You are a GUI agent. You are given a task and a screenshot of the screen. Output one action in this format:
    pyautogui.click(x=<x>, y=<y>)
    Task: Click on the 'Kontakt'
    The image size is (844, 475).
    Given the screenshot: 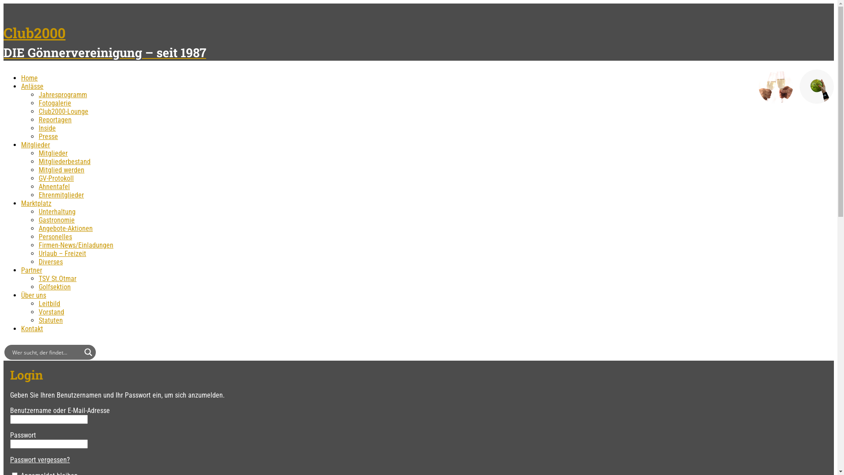 What is the action you would take?
    pyautogui.click(x=32, y=329)
    